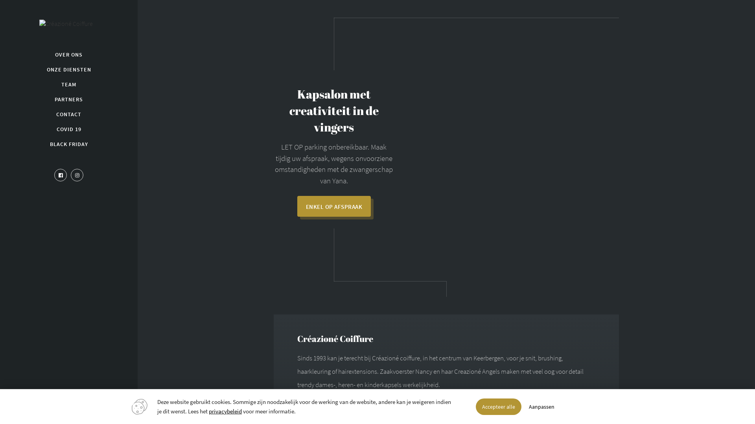  I want to click on 'Aanpassen', so click(541, 406).